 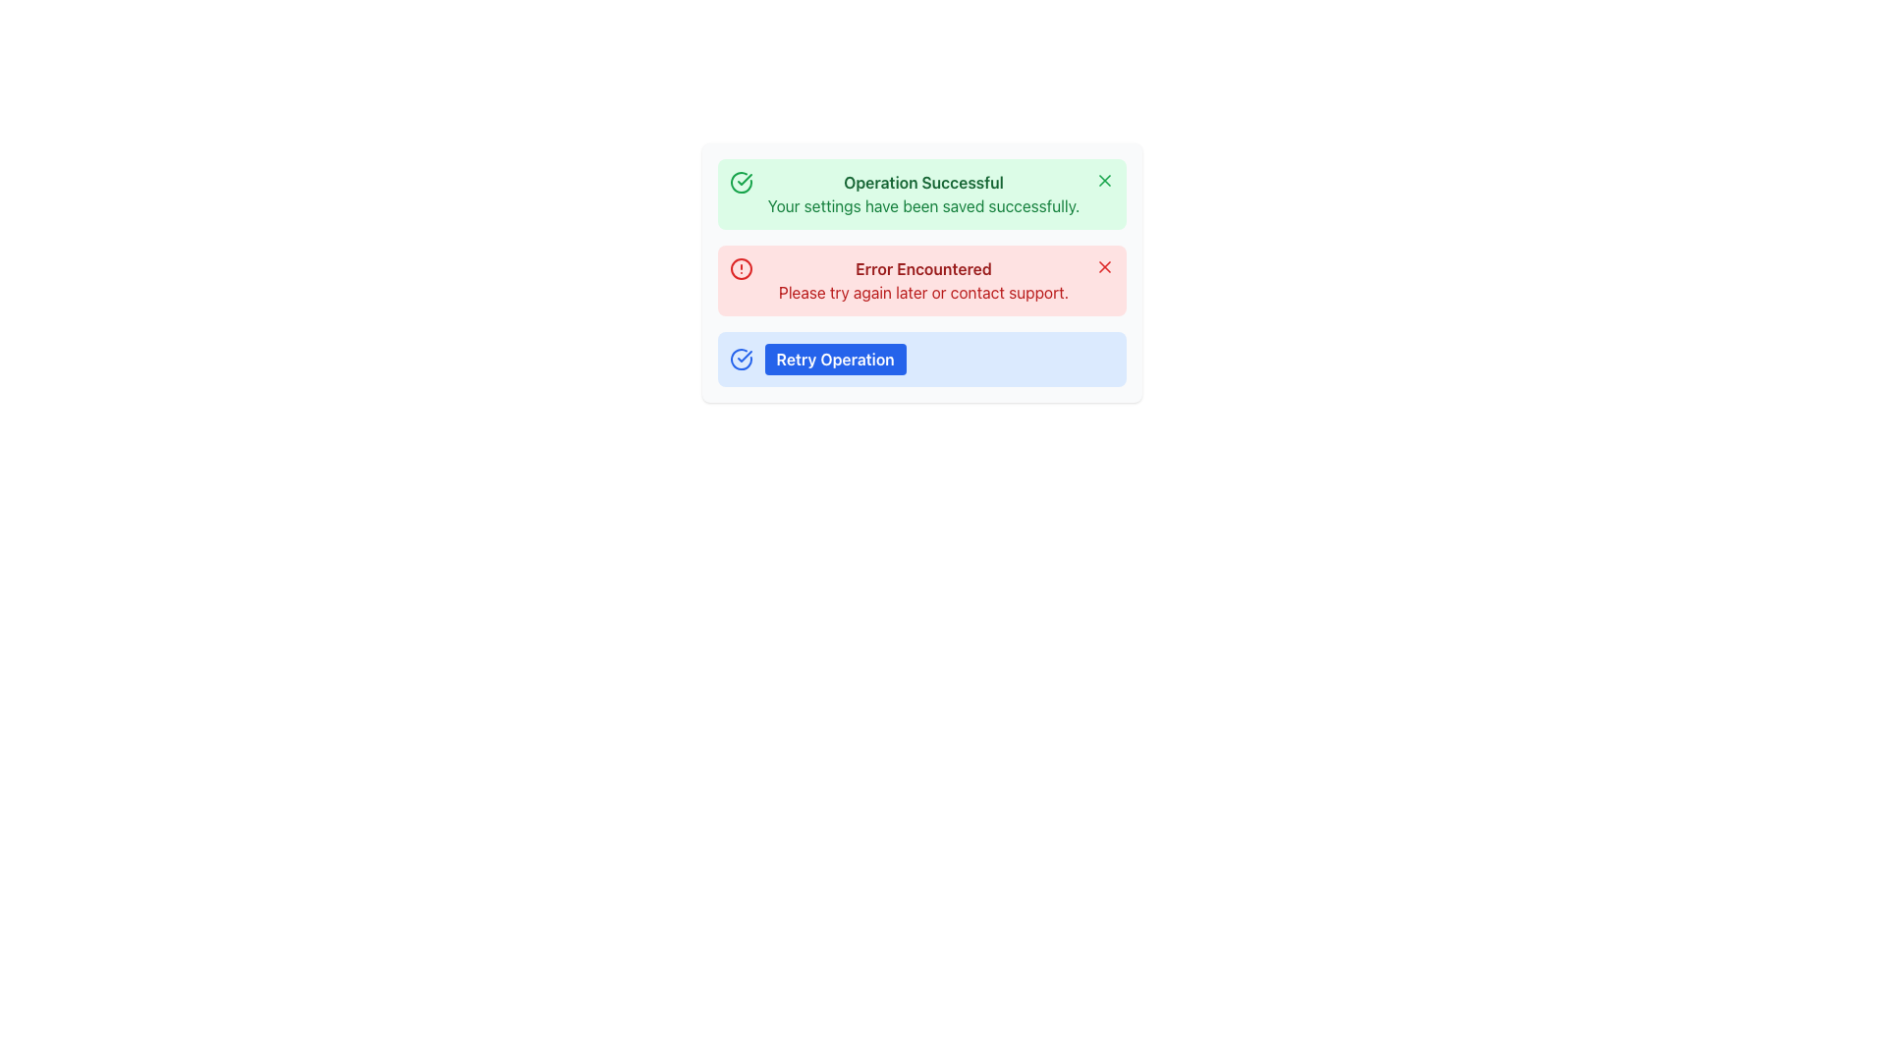 What do you see at coordinates (740, 268) in the screenshot?
I see `the central circular part of the alert icon that represents an error, located in the second section of three notifications with a red background` at bounding box center [740, 268].